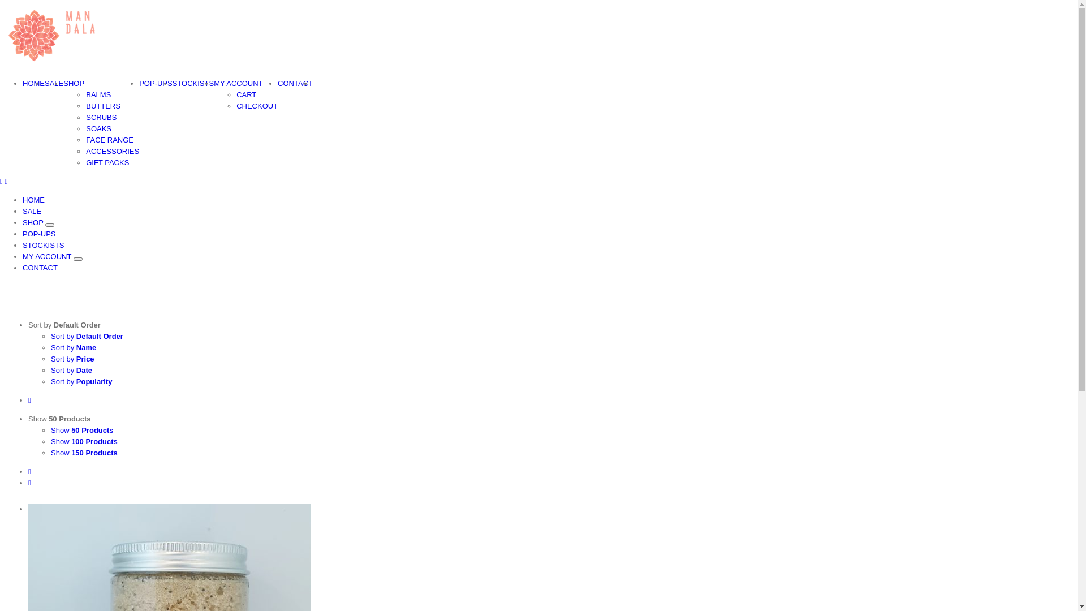 The height and width of the screenshot is (611, 1086). What do you see at coordinates (103, 106) in the screenshot?
I see `'BUTTERS'` at bounding box center [103, 106].